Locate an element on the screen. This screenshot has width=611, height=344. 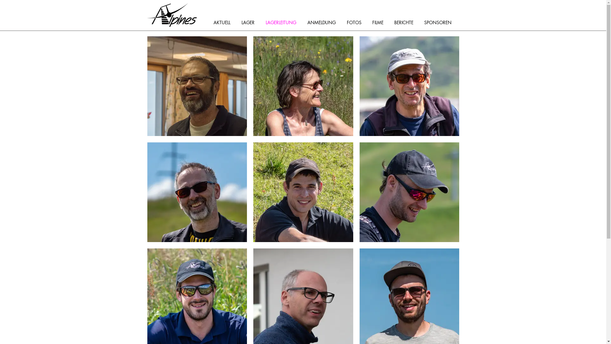
'BERICHTE' is located at coordinates (405, 22).